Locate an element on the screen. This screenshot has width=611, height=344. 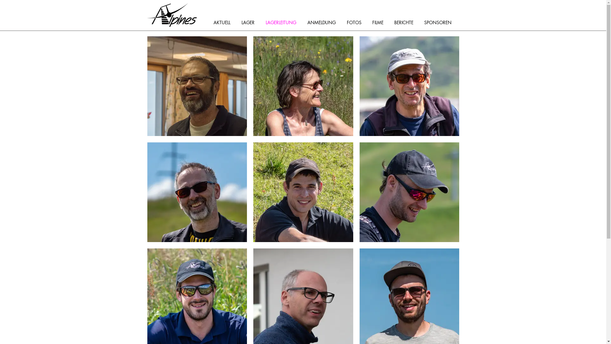
'BERICHTE' is located at coordinates (405, 22).